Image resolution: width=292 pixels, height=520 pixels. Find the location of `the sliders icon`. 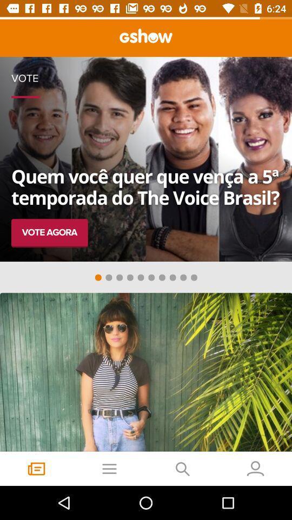

the sliders icon is located at coordinates (146, 37).